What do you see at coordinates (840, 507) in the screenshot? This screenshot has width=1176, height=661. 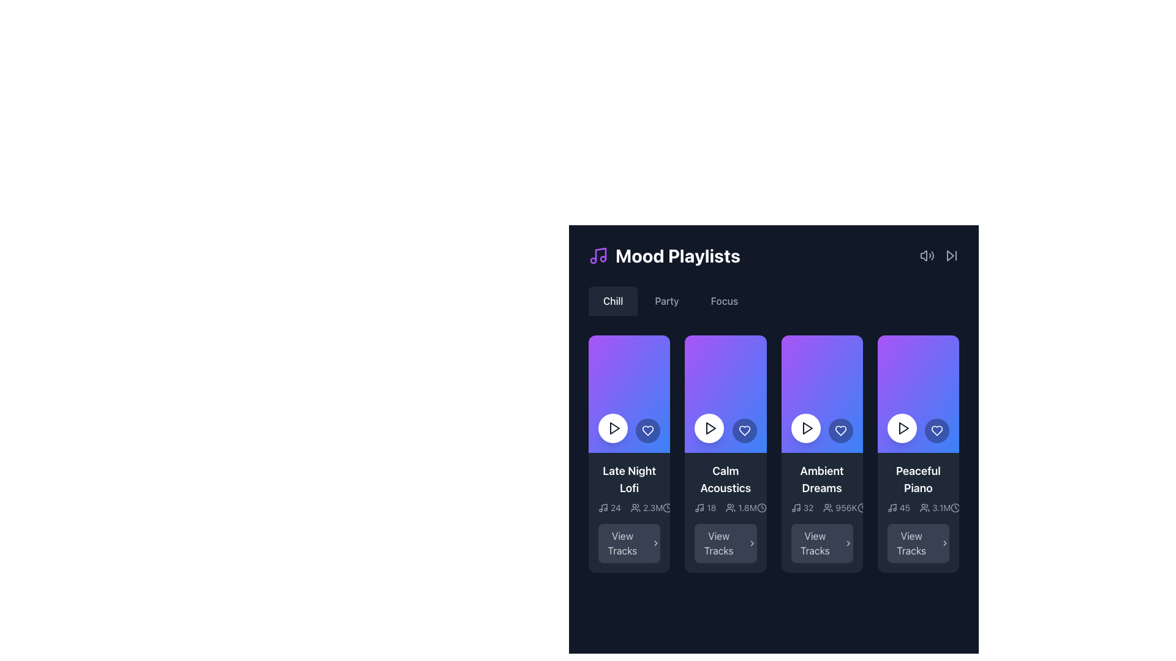 I see `the user icon located in the bottom section of the 'Ambient Dreams' playlist card, which features the text '956K' and a small outline of human figures next to it` at bounding box center [840, 507].